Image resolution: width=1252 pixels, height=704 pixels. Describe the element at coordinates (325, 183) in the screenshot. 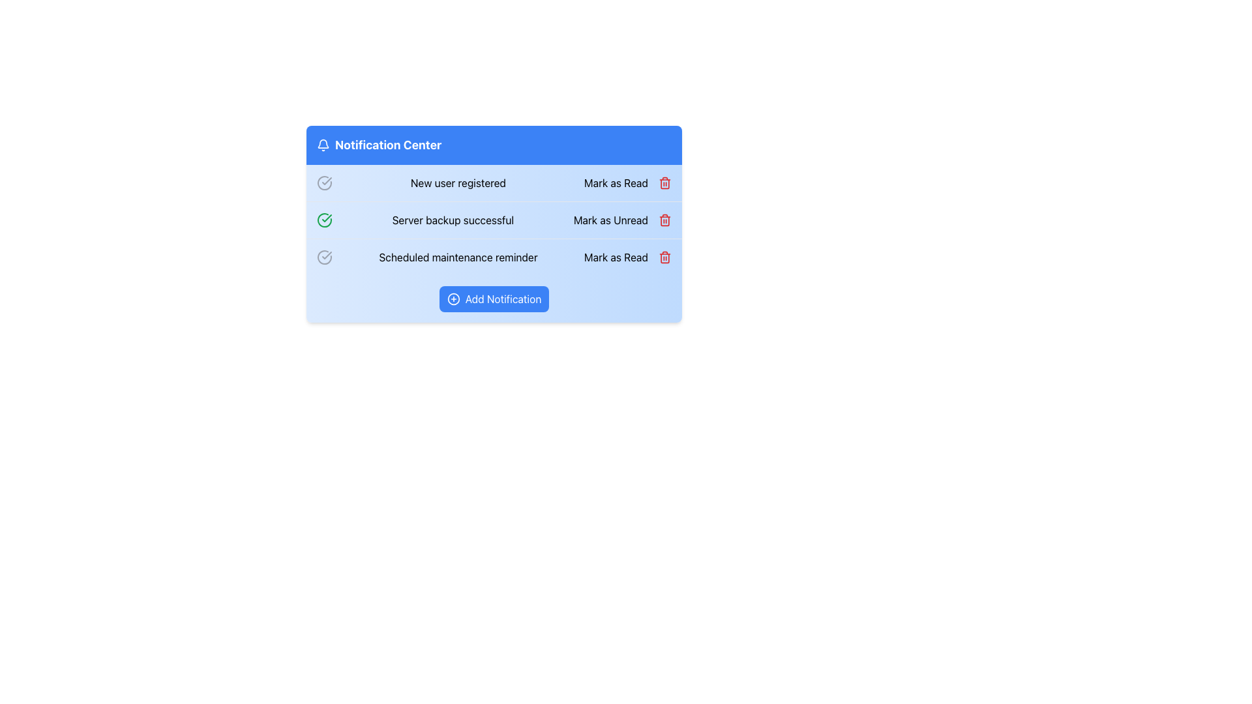

I see `the circular gray icon with a checkmark inside that indicates a new user registration, located to the left of the text 'New user registered' in the Notification Center` at that location.